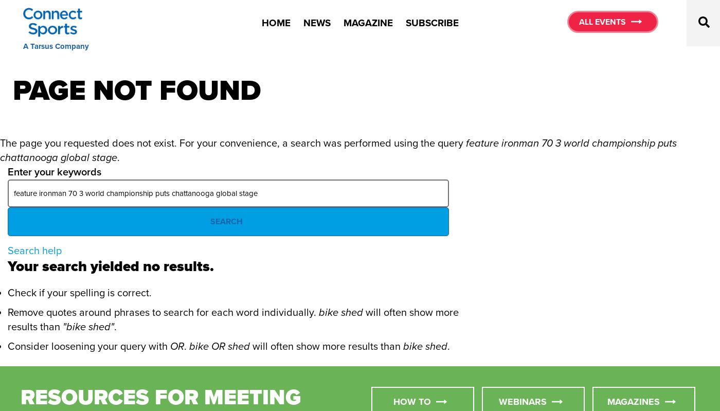 Image resolution: width=720 pixels, height=411 pixels. What do you see at coordinates (111, 266) in the screenshot?
I see `'Your search yielded no results.'` at bounding box center [111, 266].